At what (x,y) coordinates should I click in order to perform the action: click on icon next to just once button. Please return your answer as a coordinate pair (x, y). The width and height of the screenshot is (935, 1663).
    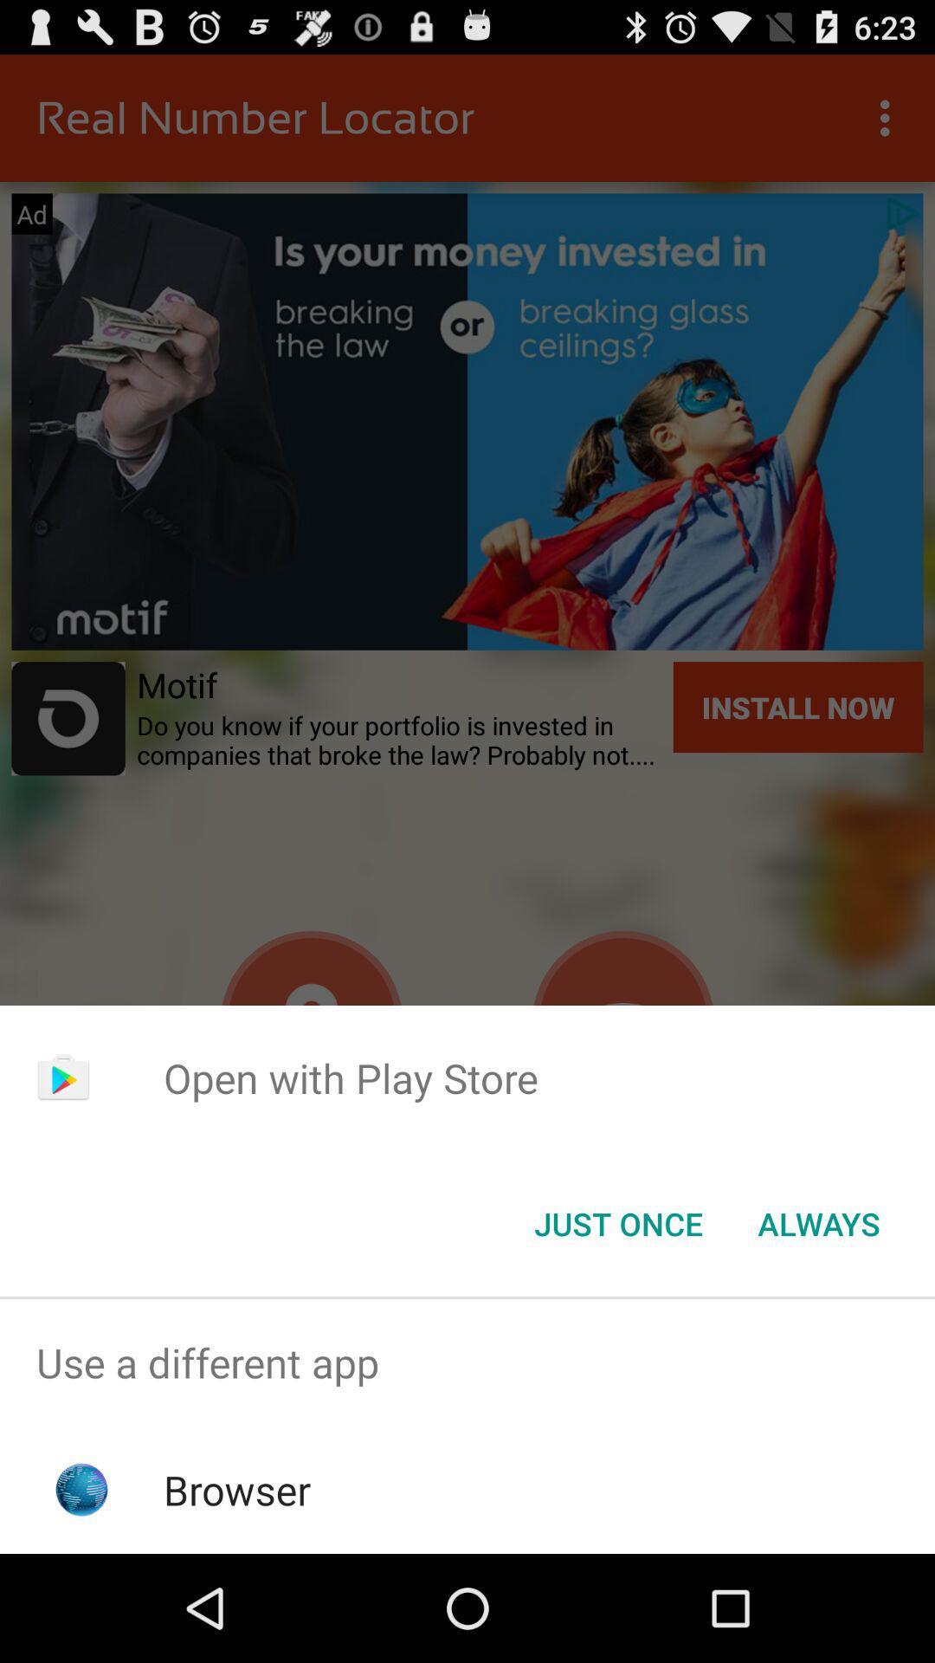
    Looking at the image, I should click on (818, 1222).